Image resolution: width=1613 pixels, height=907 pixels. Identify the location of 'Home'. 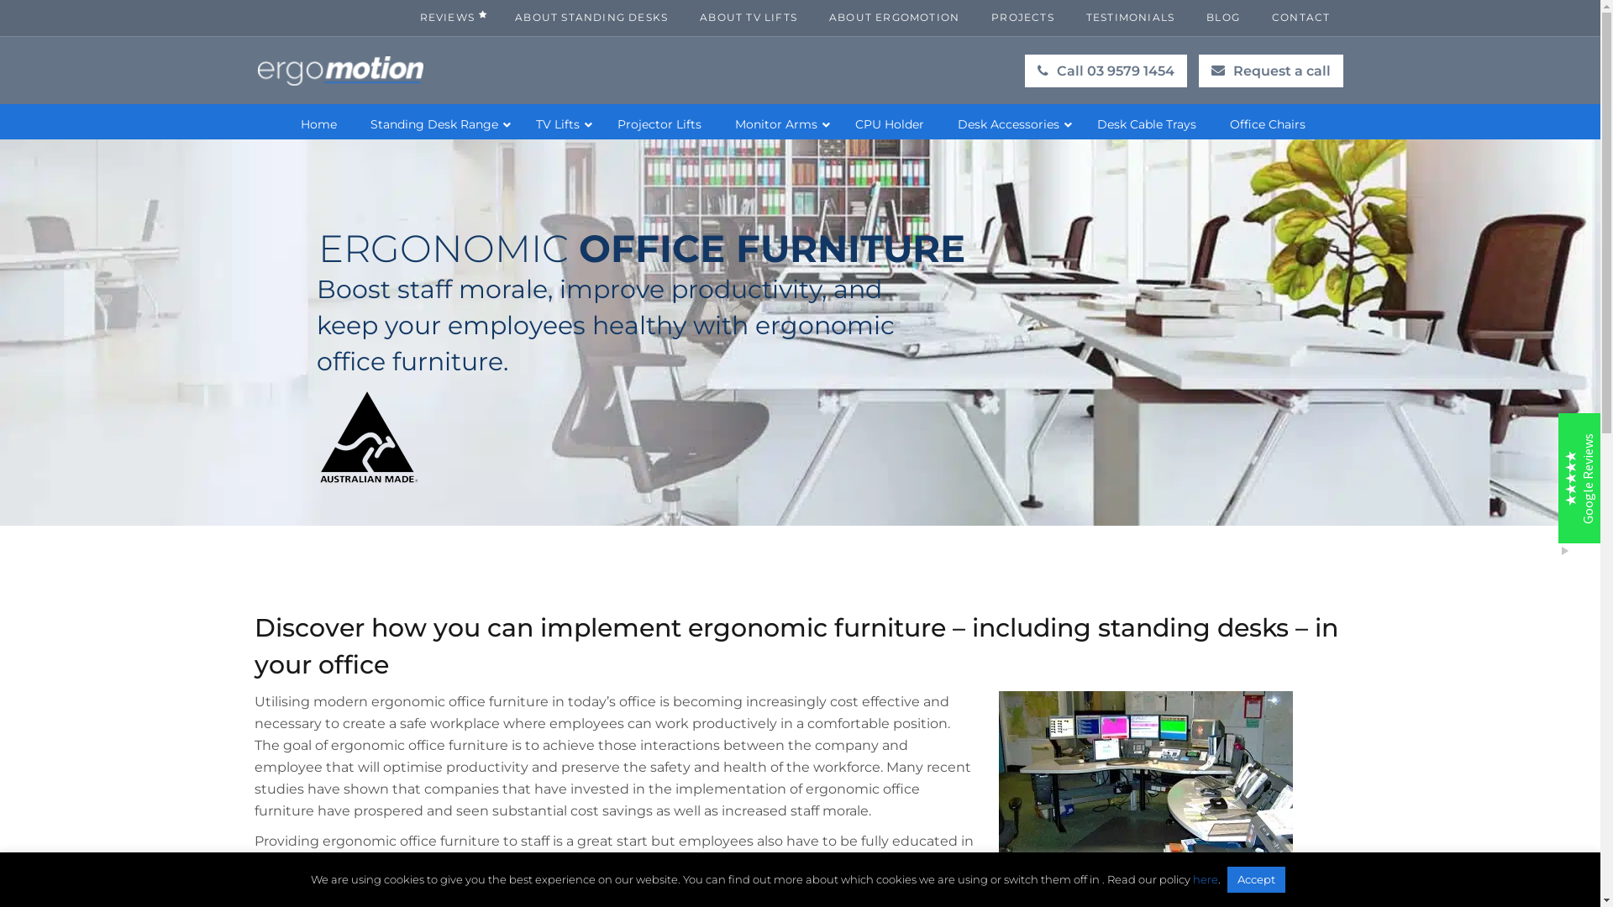
(318, 123).